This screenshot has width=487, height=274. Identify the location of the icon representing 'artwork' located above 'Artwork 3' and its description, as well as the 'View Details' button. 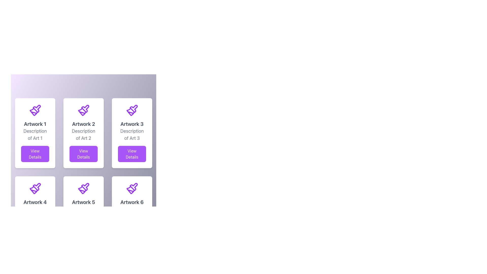
(132, 110).